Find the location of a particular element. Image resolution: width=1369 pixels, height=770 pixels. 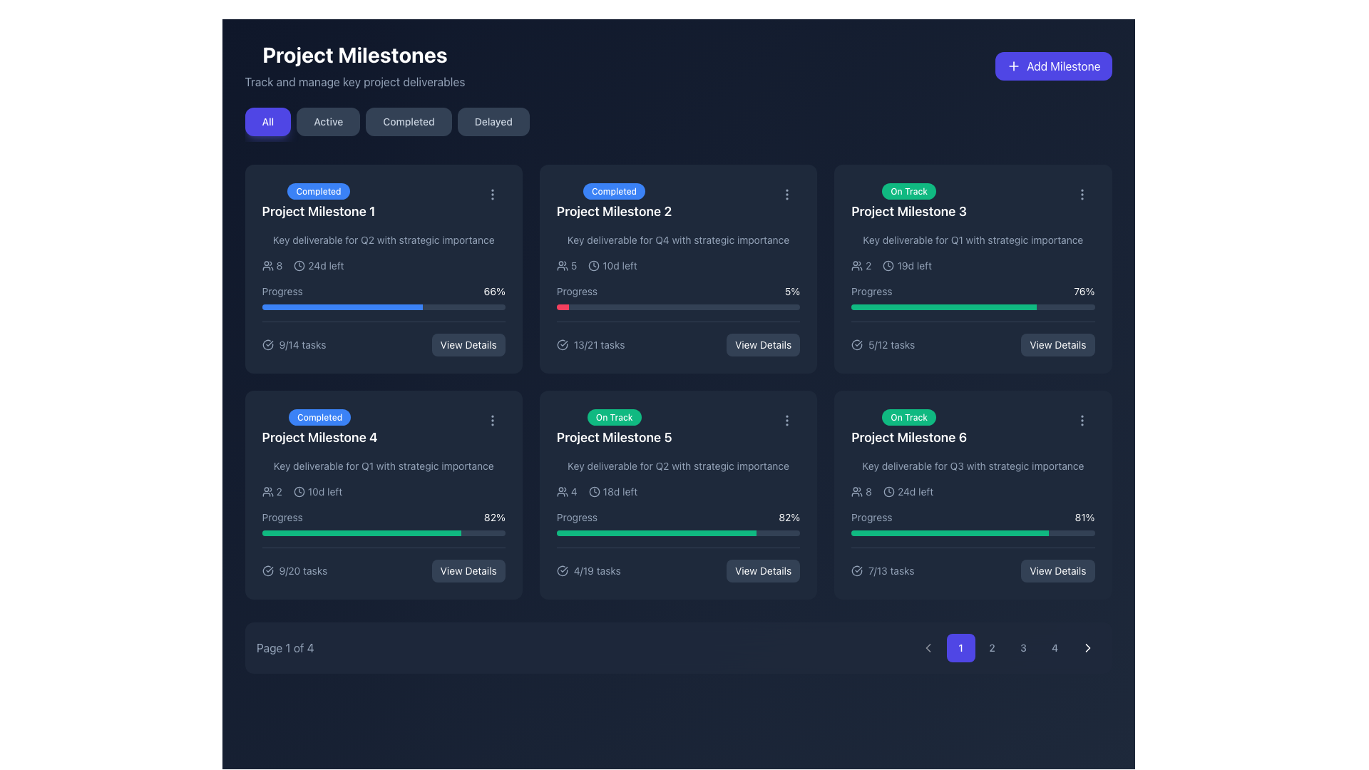

the numeric text '5' displayed next to the group of people icon, which is located to the left of the text '10d left' and above the progress bar in the second card labeled 'Project Milestone 2' is located at coordinates (566, 266).